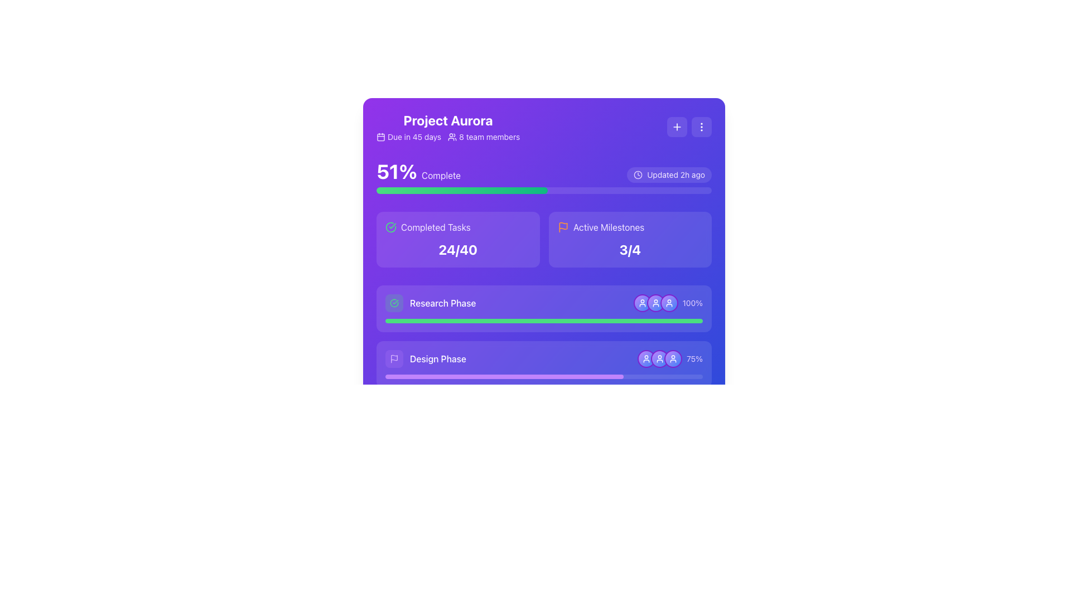  What do you see at coordinates (448, 137) in the screenshot?
I see `the text-based grouping element below the title 'Project Aurora', which displays 'Due in 45 days' with a calendar icon and '8 team members' with a user icon, both in a purple hue` at bounding box center [448, 137].